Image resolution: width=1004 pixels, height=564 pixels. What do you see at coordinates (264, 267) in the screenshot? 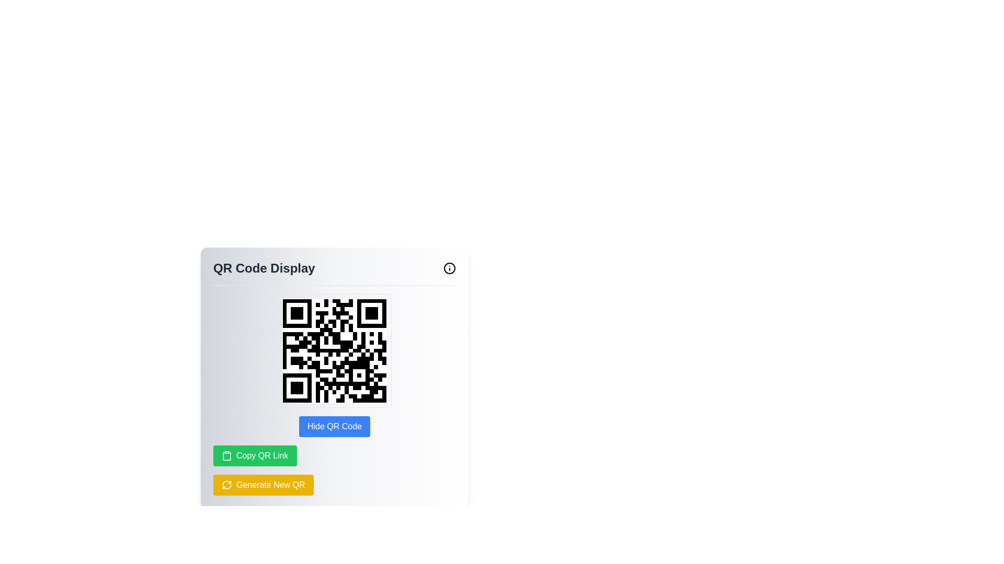
I see `the text label displaying 'QR Code Display', which is prominently positioned at the upper-left corner of a card-like interface, styled with a large bold font in dark gray color` at bounding box center [264, 267].